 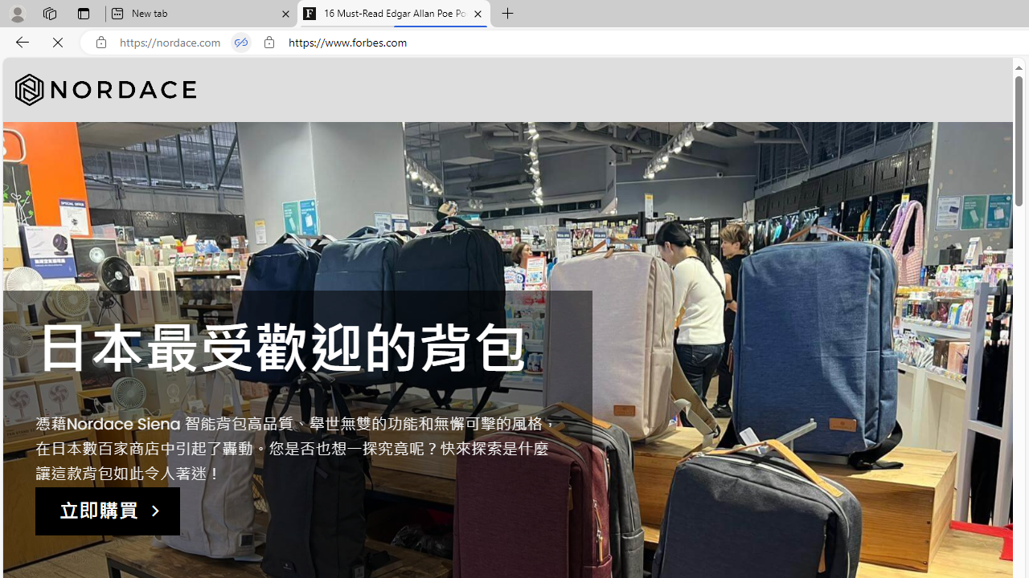 What do you see at coordinates (394, 14) in the screenshot?
I see `'16 Must-Read Edgar Allan Poe Poems And Short Stories'` at bounding box center [394, 14].